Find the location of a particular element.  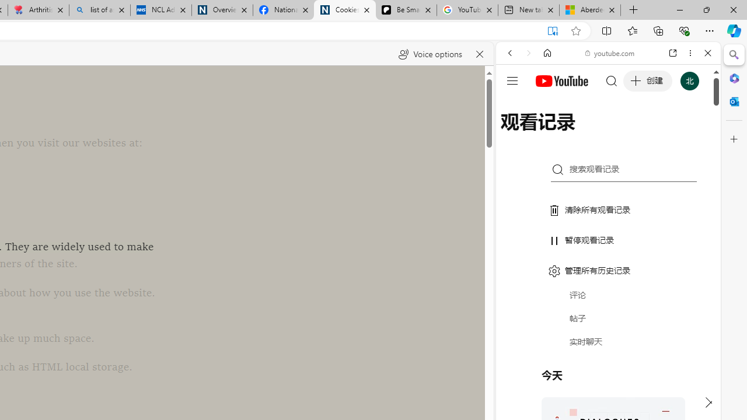

'Cookies' is located at coordinates (344, 10).